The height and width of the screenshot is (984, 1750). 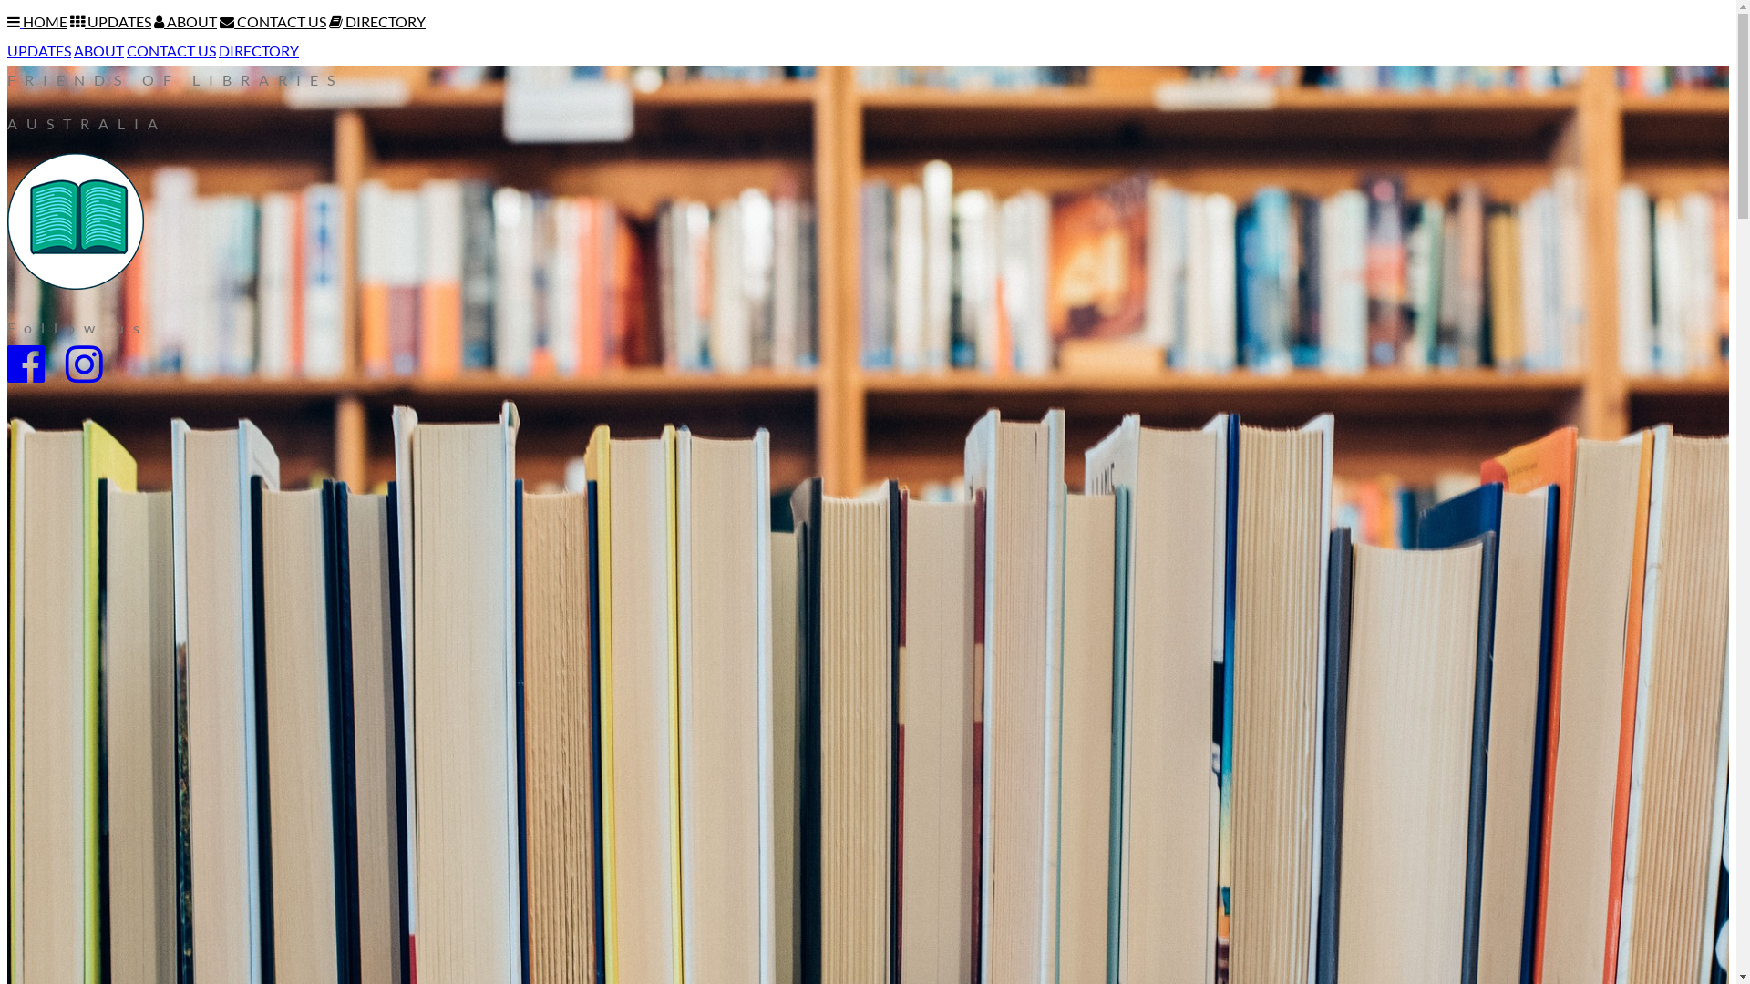 What do you see at coordinates (272, 21) in the screenshot?
I see `'CONTACT US'` at bounding box center [272, 21].